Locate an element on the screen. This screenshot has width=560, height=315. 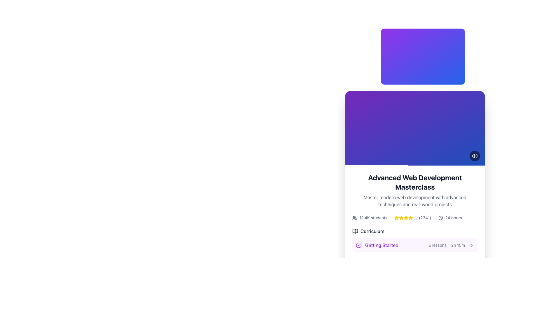
the fourth yellow star icon is located at coordinates (406, 217).